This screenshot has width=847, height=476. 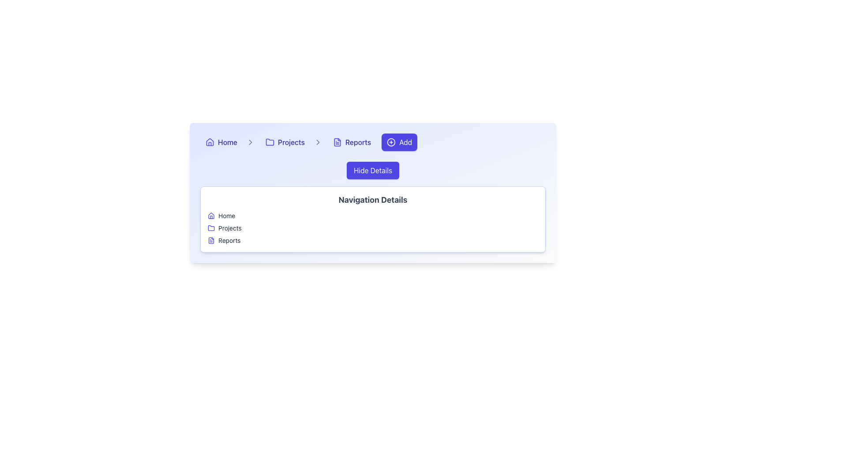 What do you see at coordinates (391, 142) in the screenshot?
I see `the indigo-colored 'Add' button icon, which represents an addition or create function, located in the upper-right corner of the navigation bar` at bounding box center [391, 142].